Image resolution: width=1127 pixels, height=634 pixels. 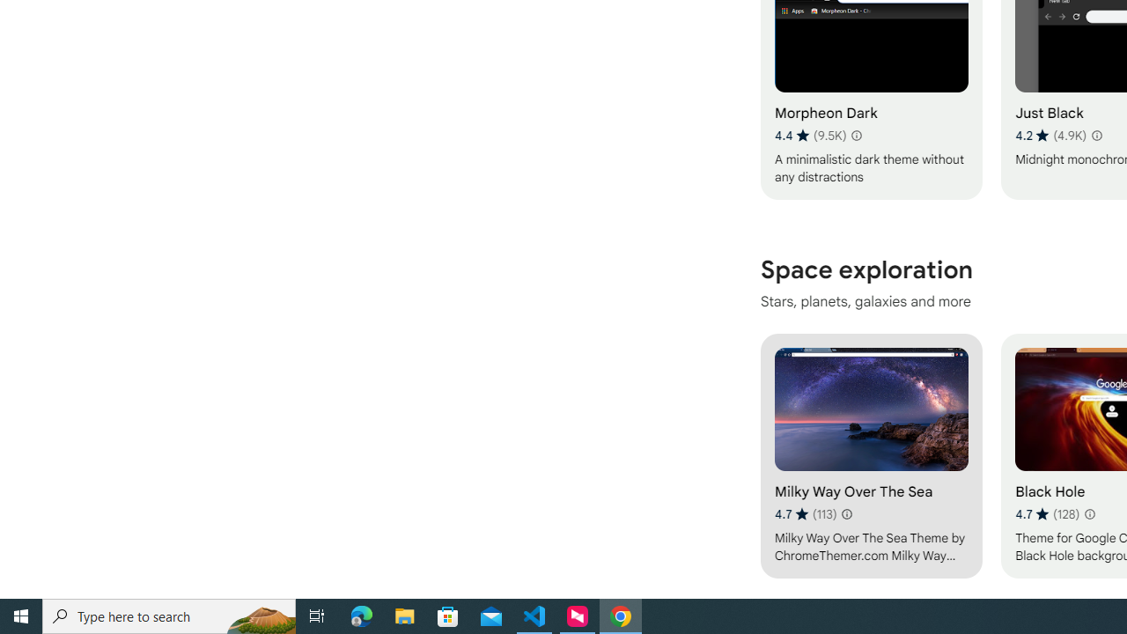 I want to click on 'Average rating 4.4 out of 5 stars. 9.5K ratings.', so click(x=809, y=135).